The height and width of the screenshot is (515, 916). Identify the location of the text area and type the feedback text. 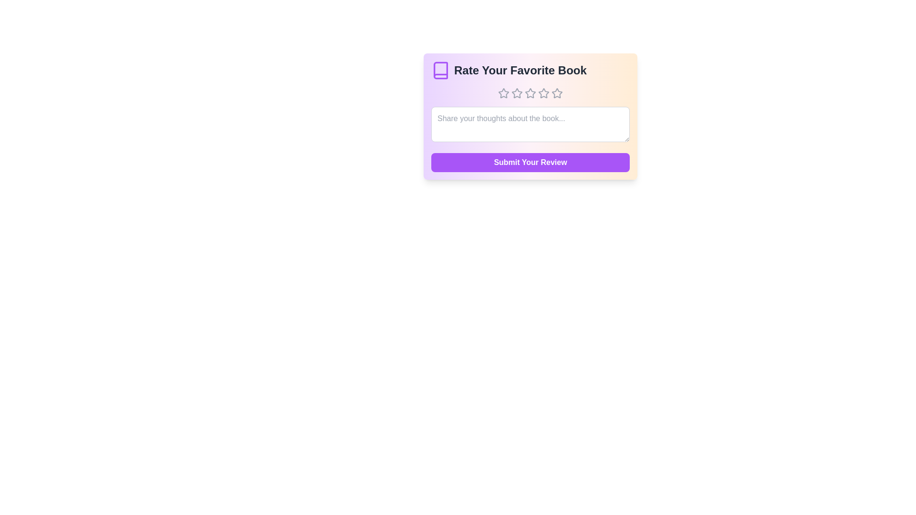
(530, 124).